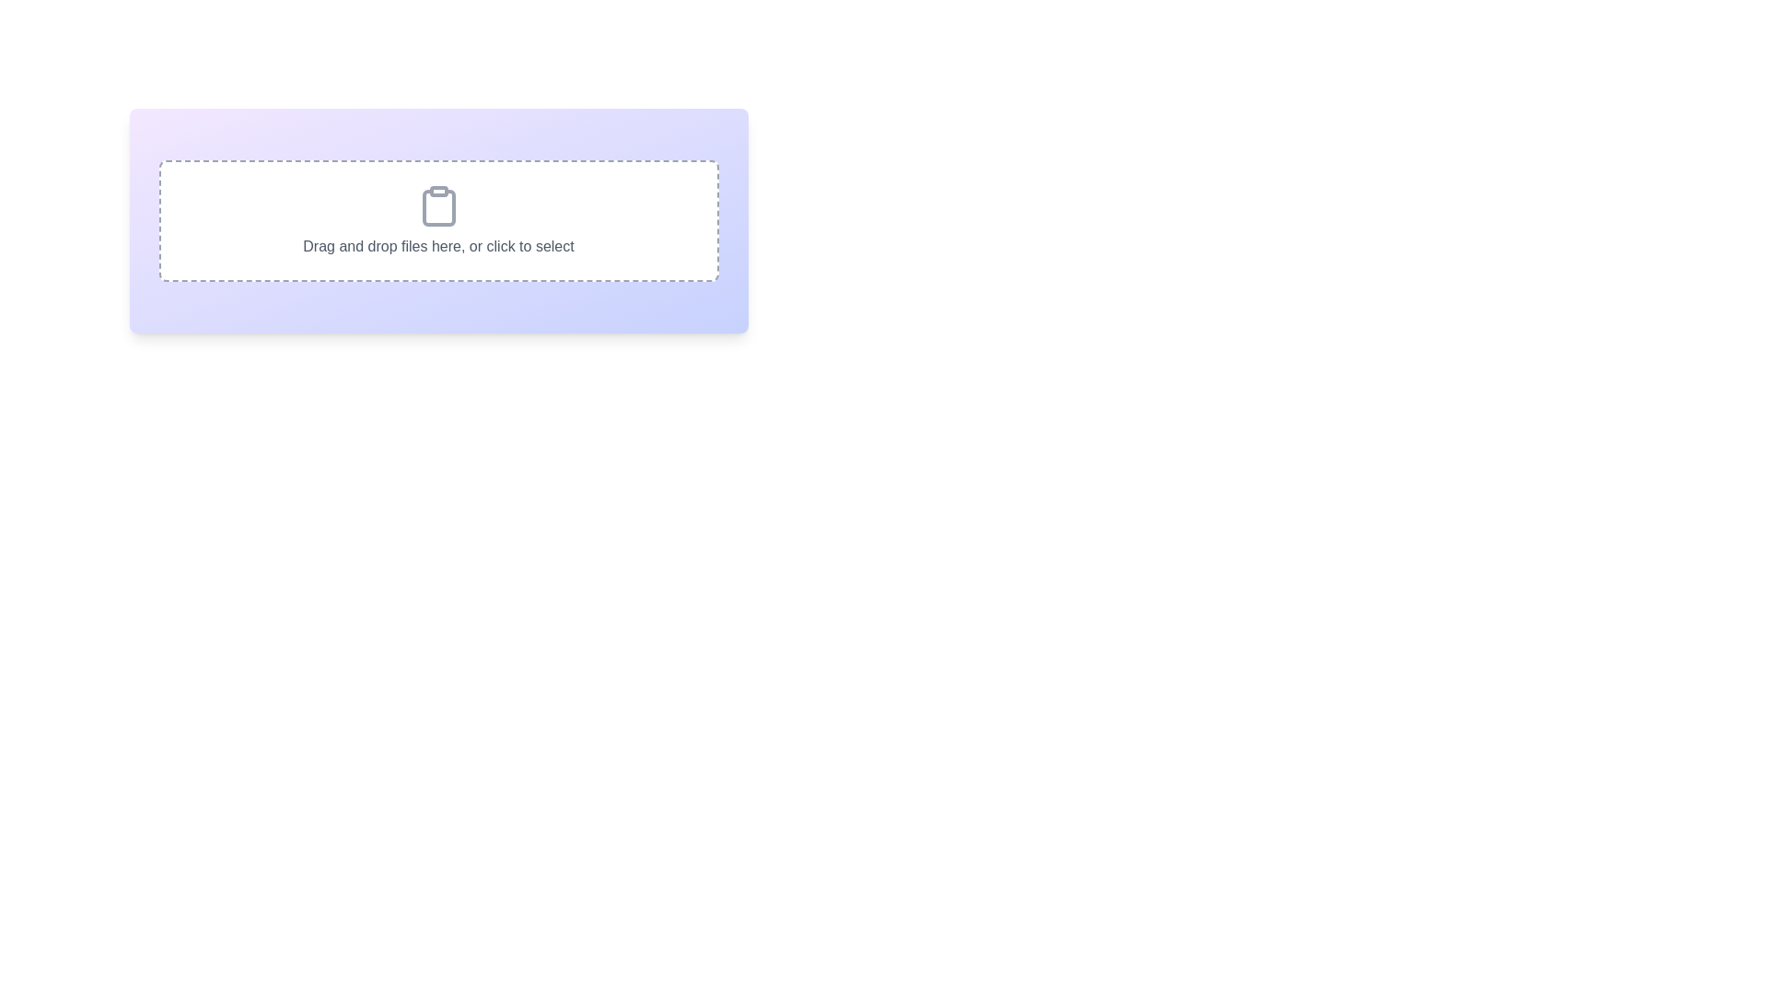  I want to click on the file upload area with dashed gray borders that states 'Drag and drop files here, or click to select' to observe hover effects, so click(437, 219).